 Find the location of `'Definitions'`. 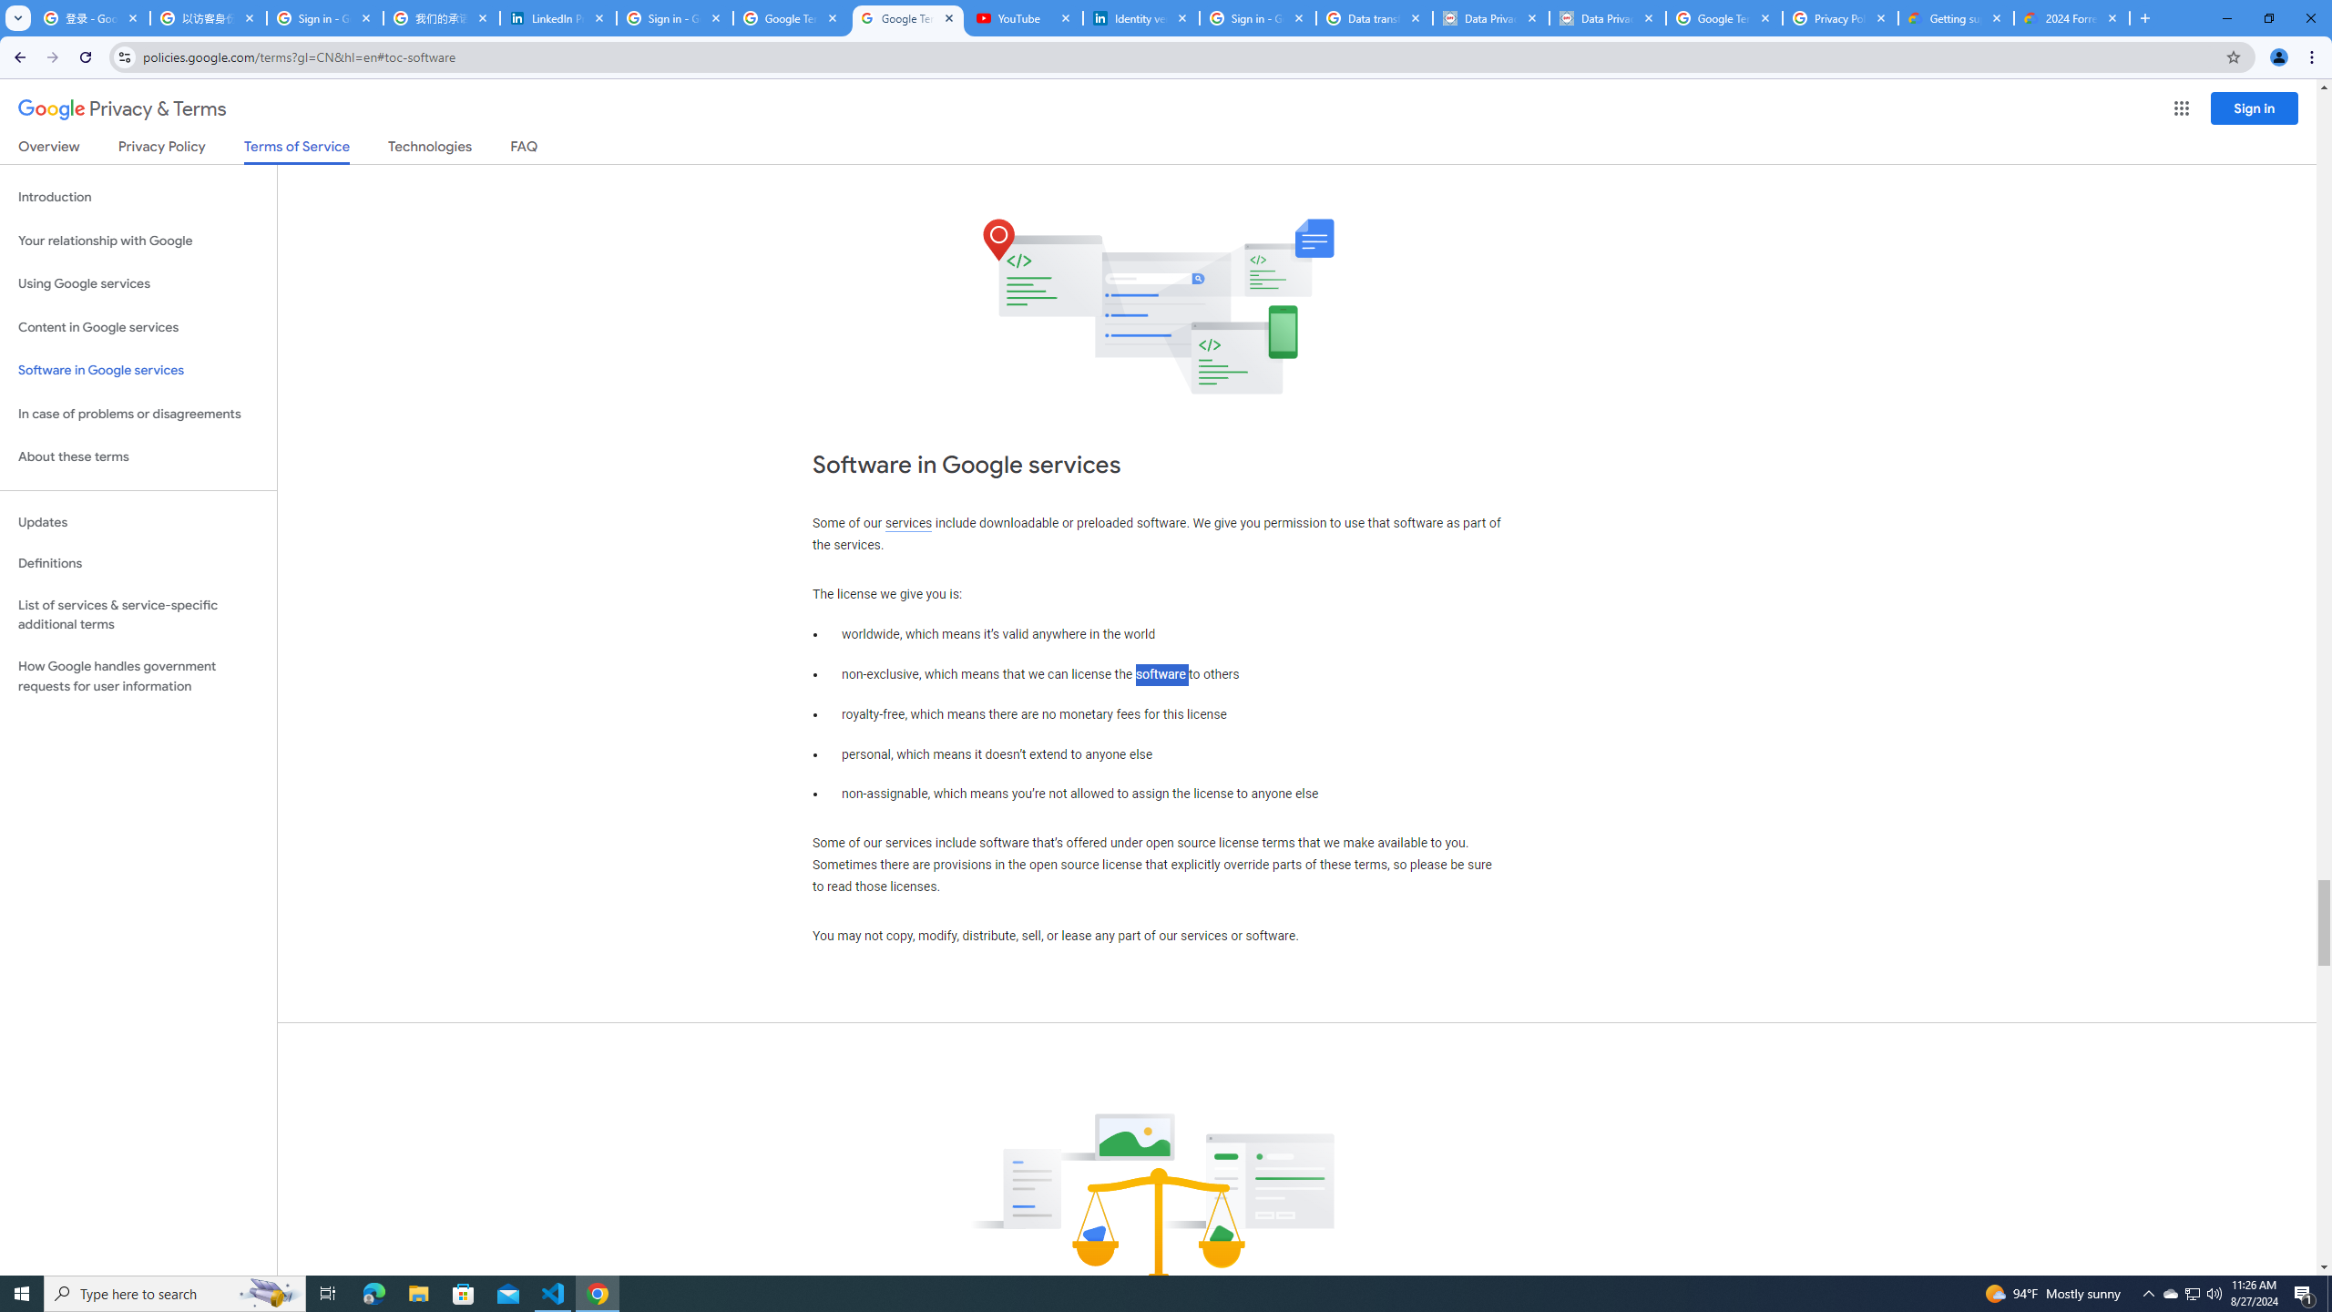

'Definitions' is located at coordinates (138, 563).